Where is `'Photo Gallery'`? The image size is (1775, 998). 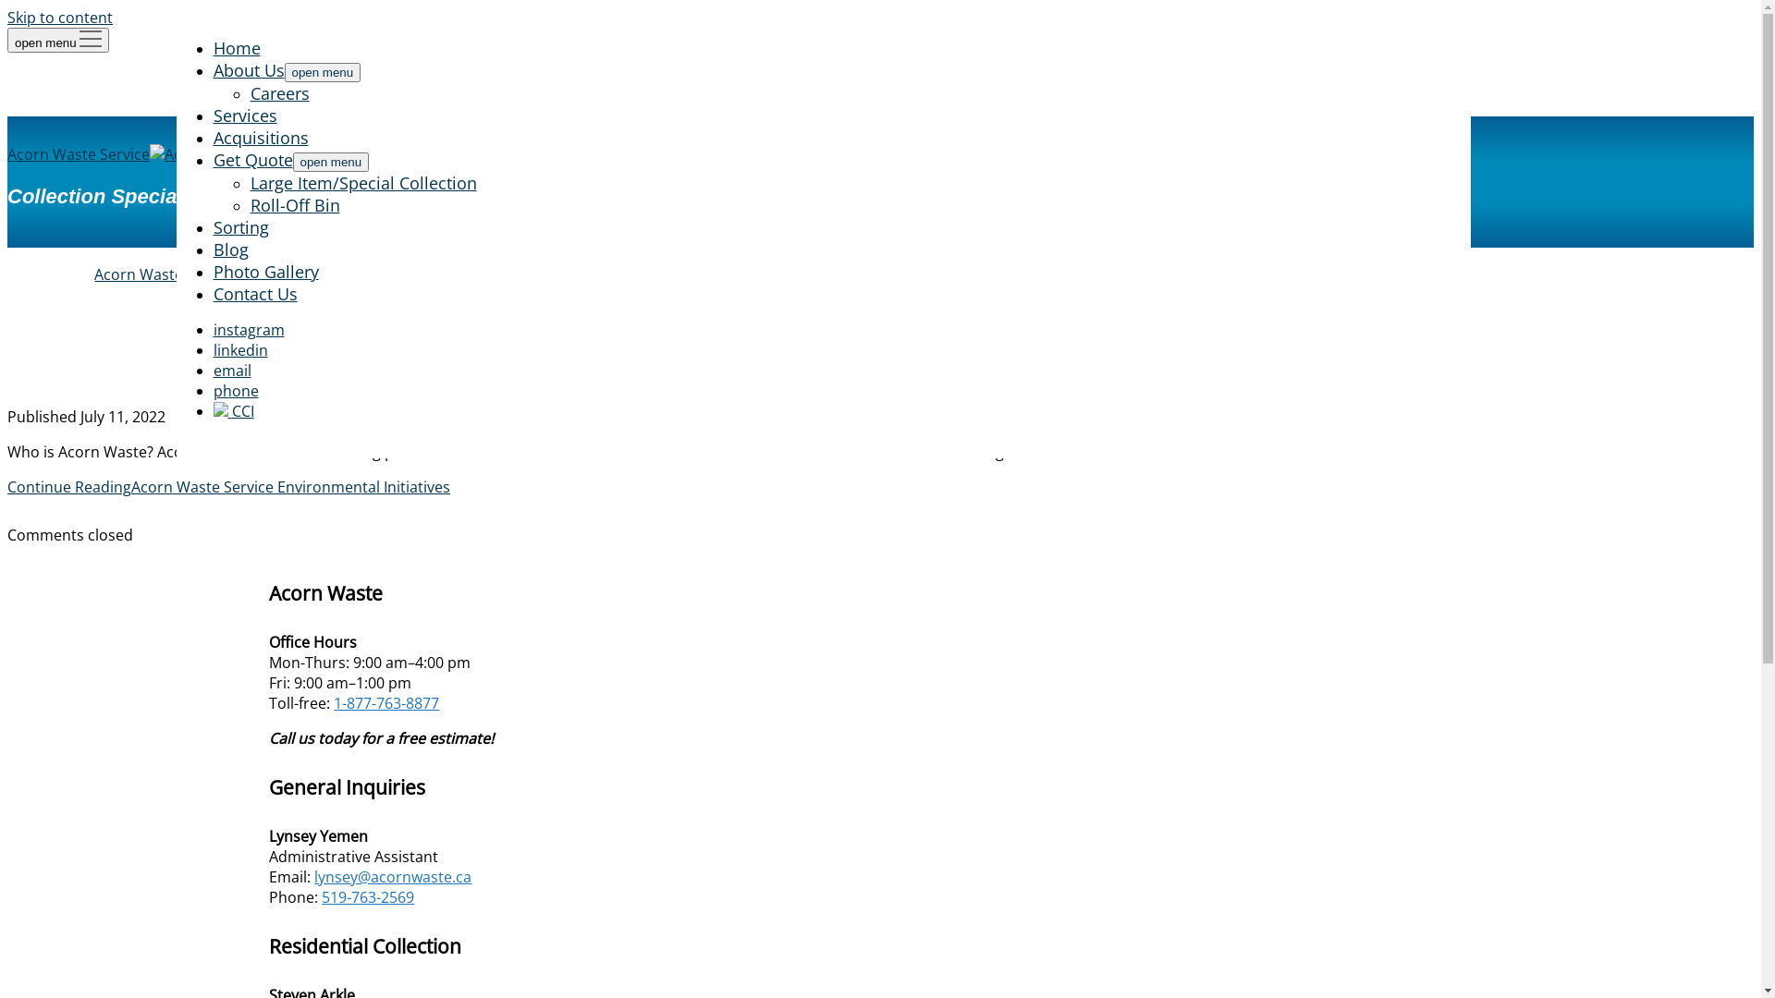 'Photo Gallery' is located at coordinates (264, 271).